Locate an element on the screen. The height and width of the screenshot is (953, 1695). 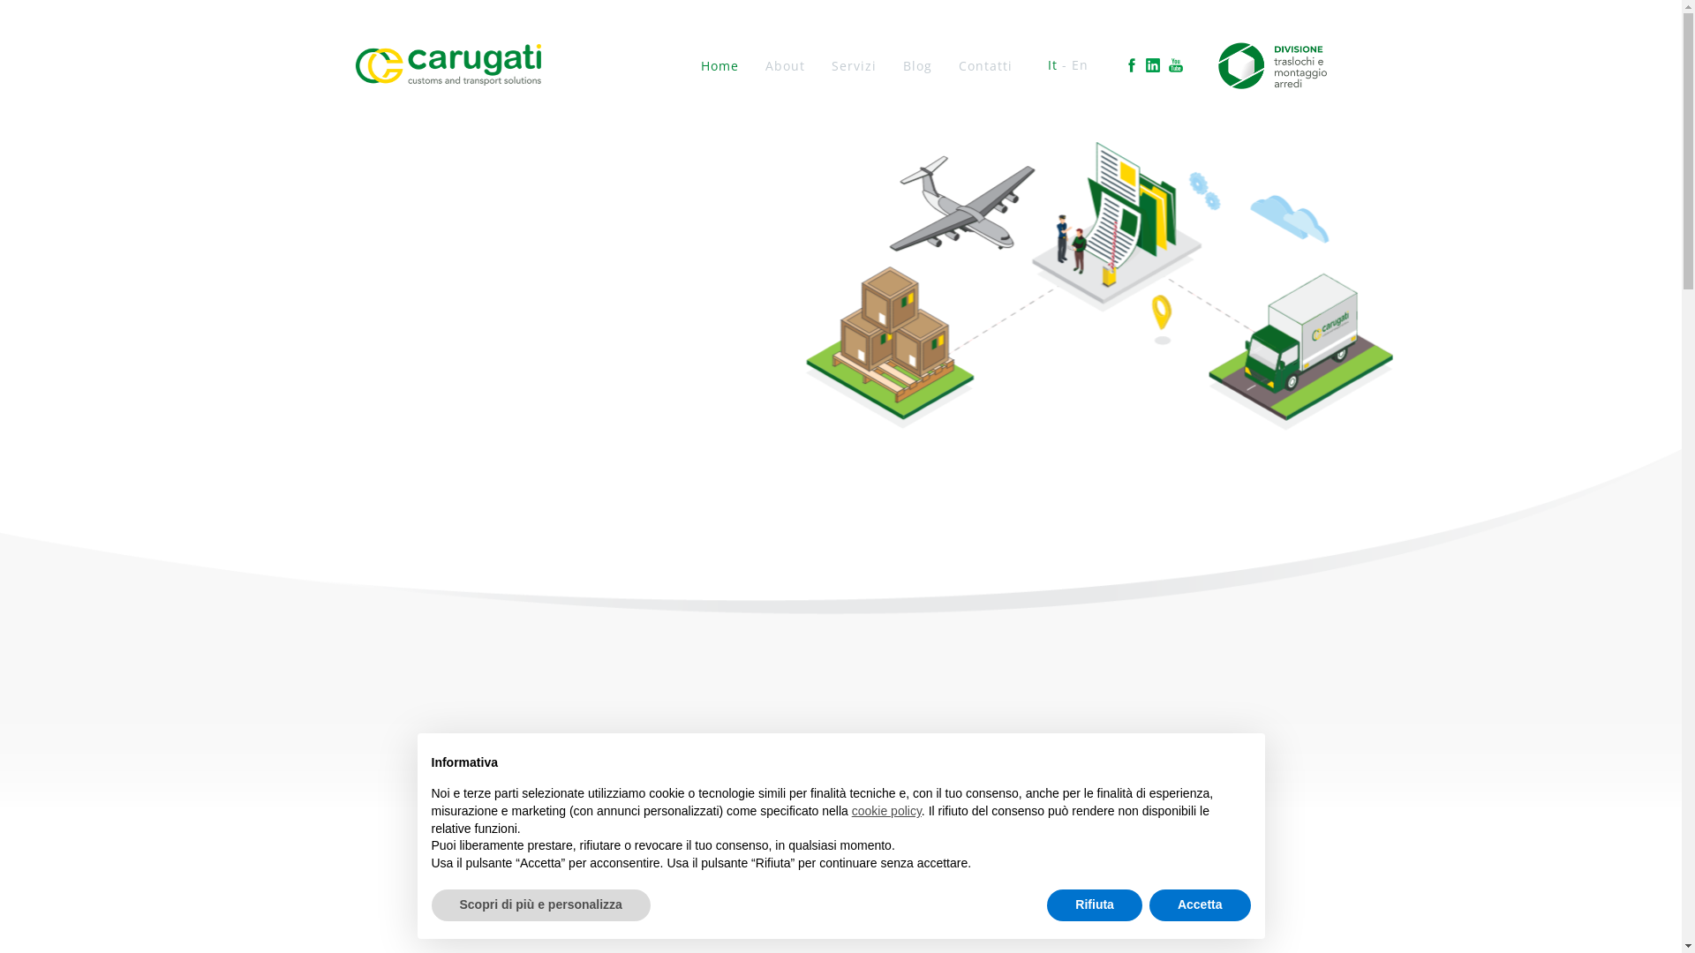
'cookie policy' is located at coordinates (851, 810).